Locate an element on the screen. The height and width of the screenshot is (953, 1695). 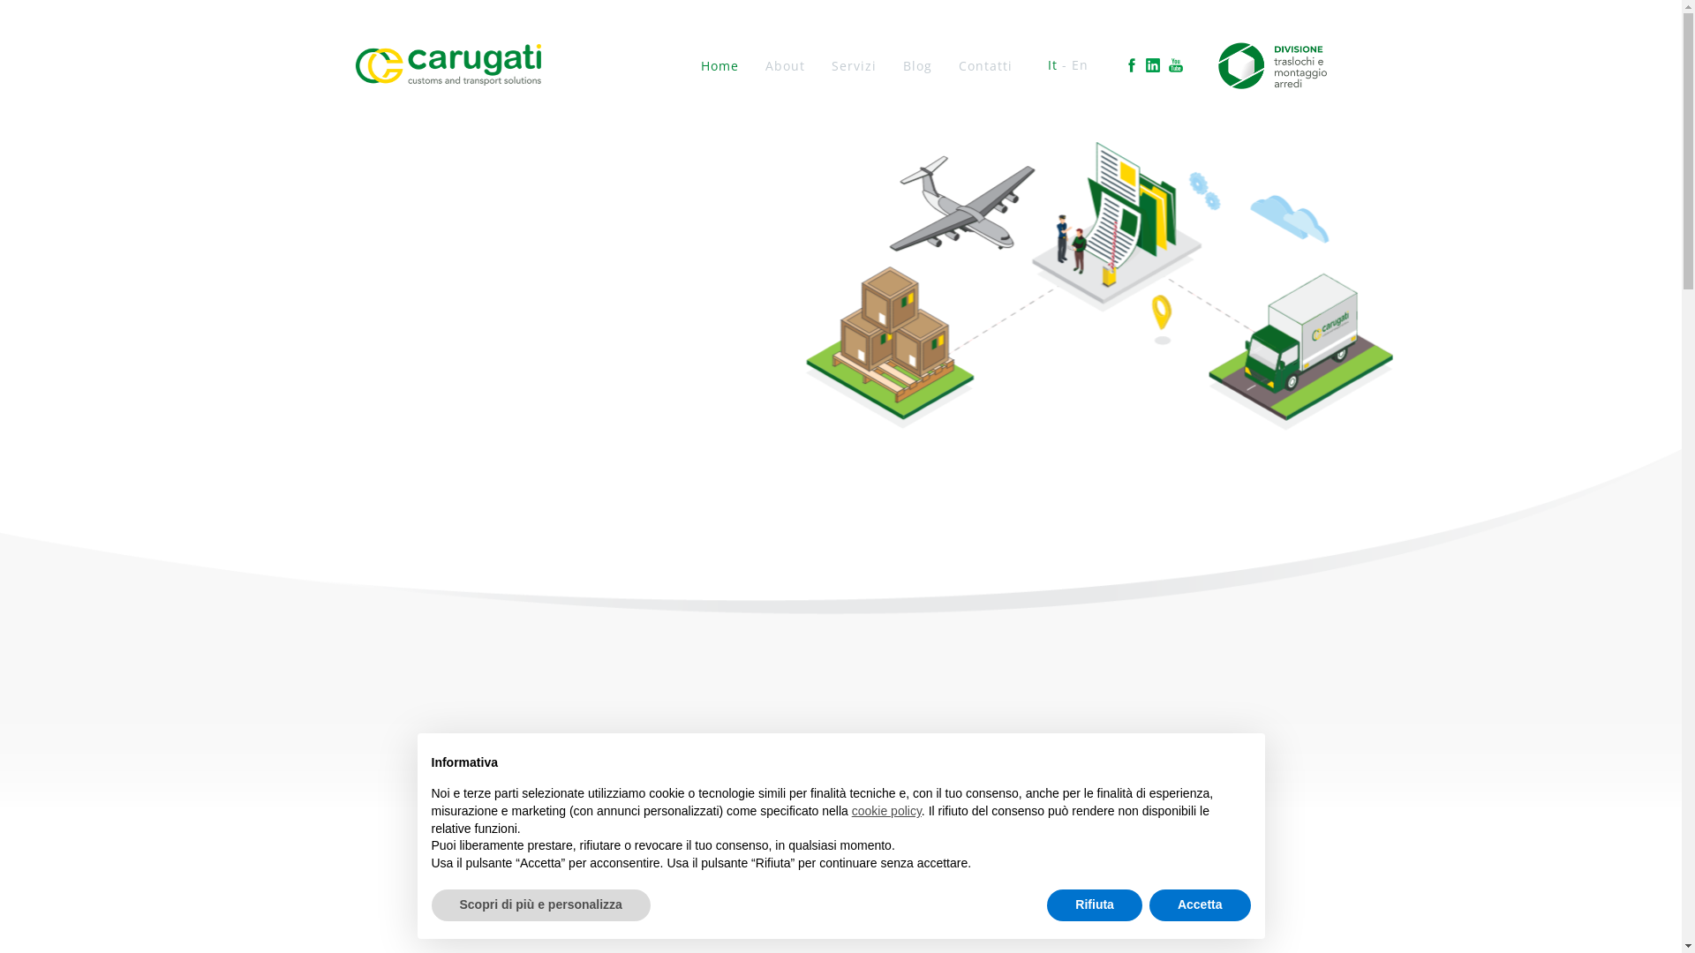
'cookie policy' is located at coordinates (851, 810).